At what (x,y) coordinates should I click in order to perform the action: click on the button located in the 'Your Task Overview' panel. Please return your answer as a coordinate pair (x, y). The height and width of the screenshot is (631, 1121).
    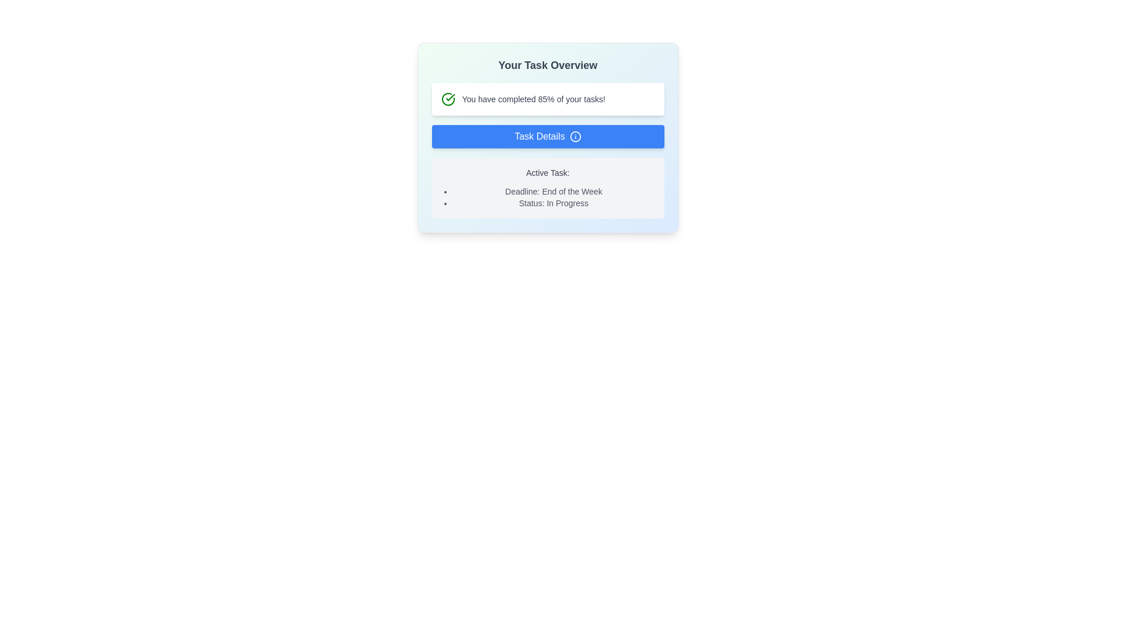
    Looking at the image, I should click on (547, 136).